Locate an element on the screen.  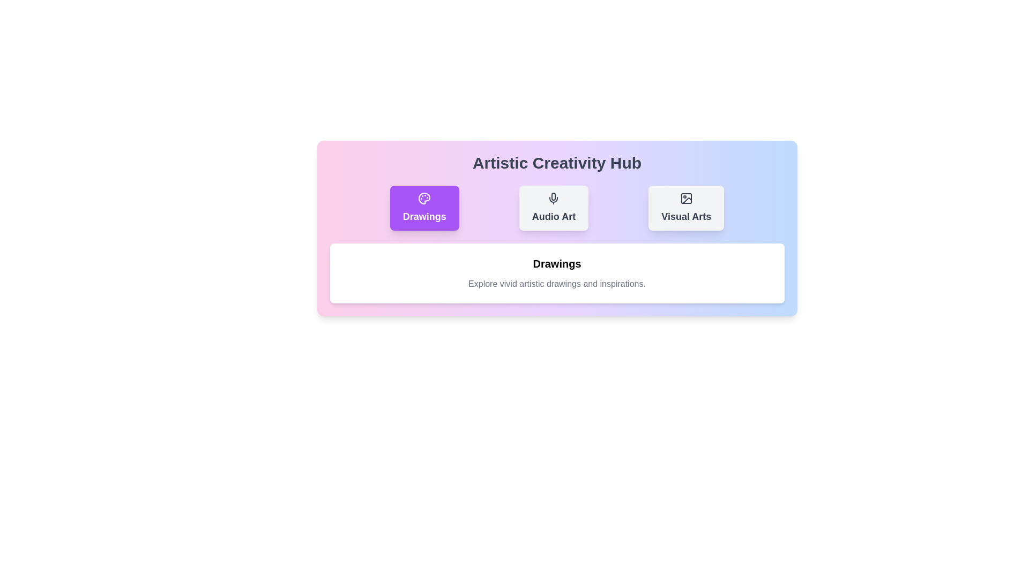
the button labeled Audio Art to observe its hover effect is located at coordinates (553, 208).